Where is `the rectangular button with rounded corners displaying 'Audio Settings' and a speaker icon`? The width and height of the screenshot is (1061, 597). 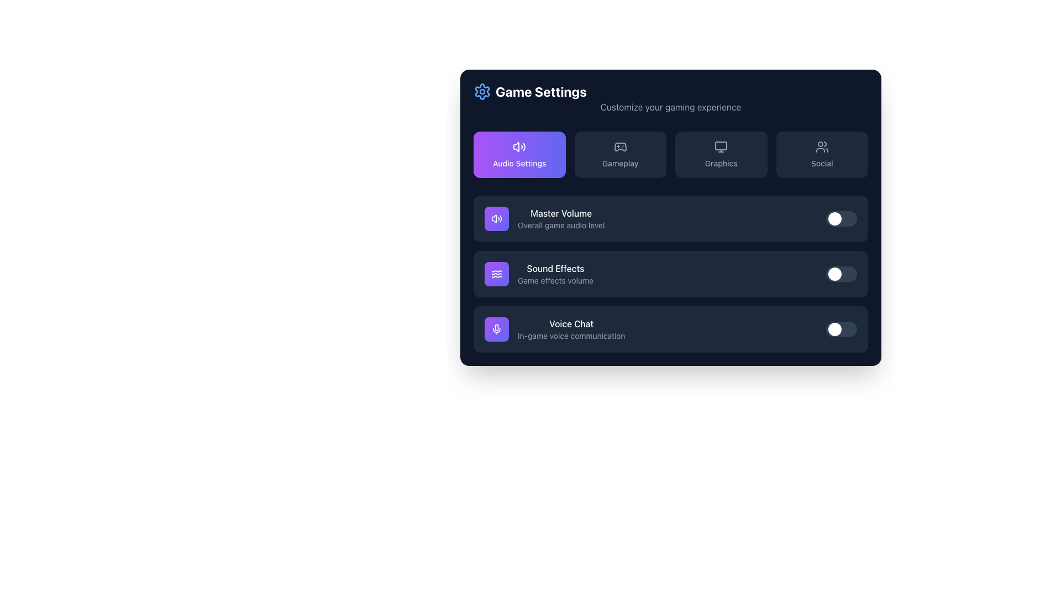
the rectangular button with rounded corners displaying 'Audio Settings' and a speaker icon is located at coordinates (519, 155).